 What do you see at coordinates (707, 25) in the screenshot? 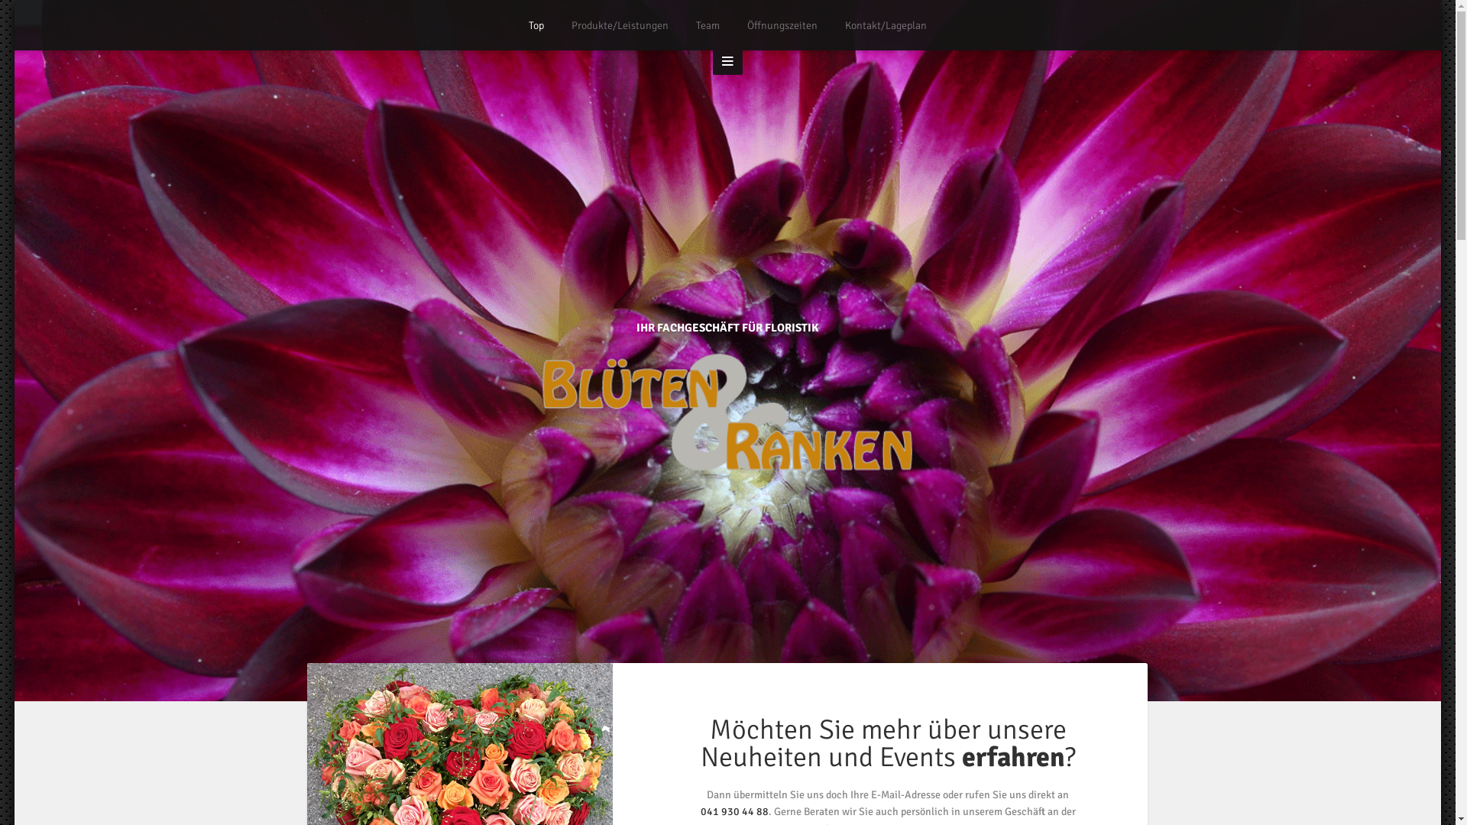
I see `'Team'` at bounding box center [707, 25].